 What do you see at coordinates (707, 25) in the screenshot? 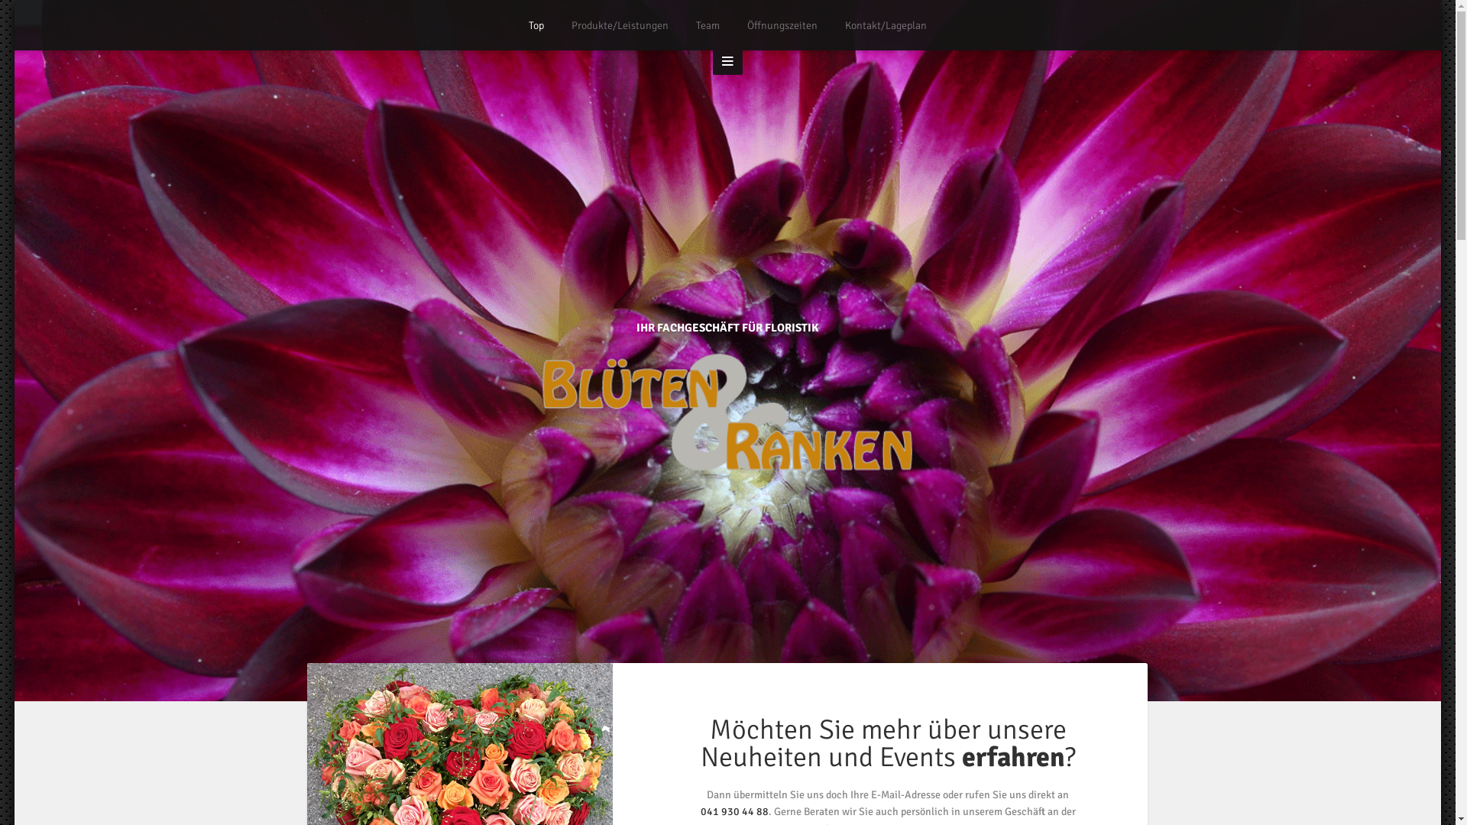
I see `'Team'` at bounding box center [707, 25].